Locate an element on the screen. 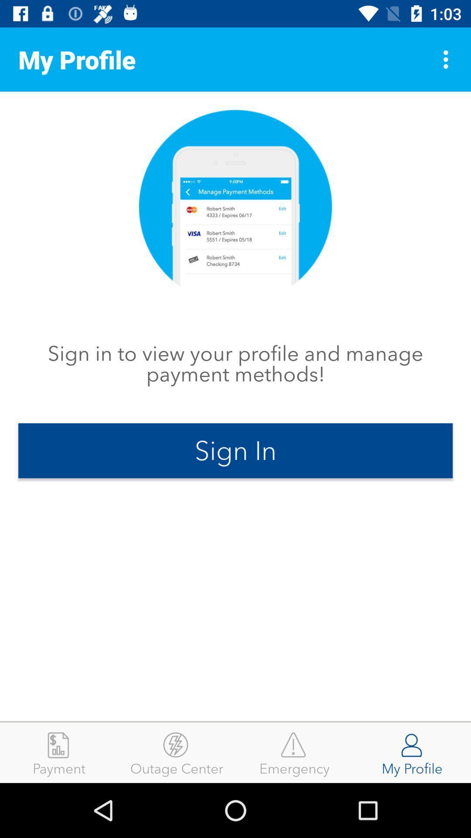 This screenshot has width=471, height=838. icon next to my profile item is located at coordinates (448, 59).